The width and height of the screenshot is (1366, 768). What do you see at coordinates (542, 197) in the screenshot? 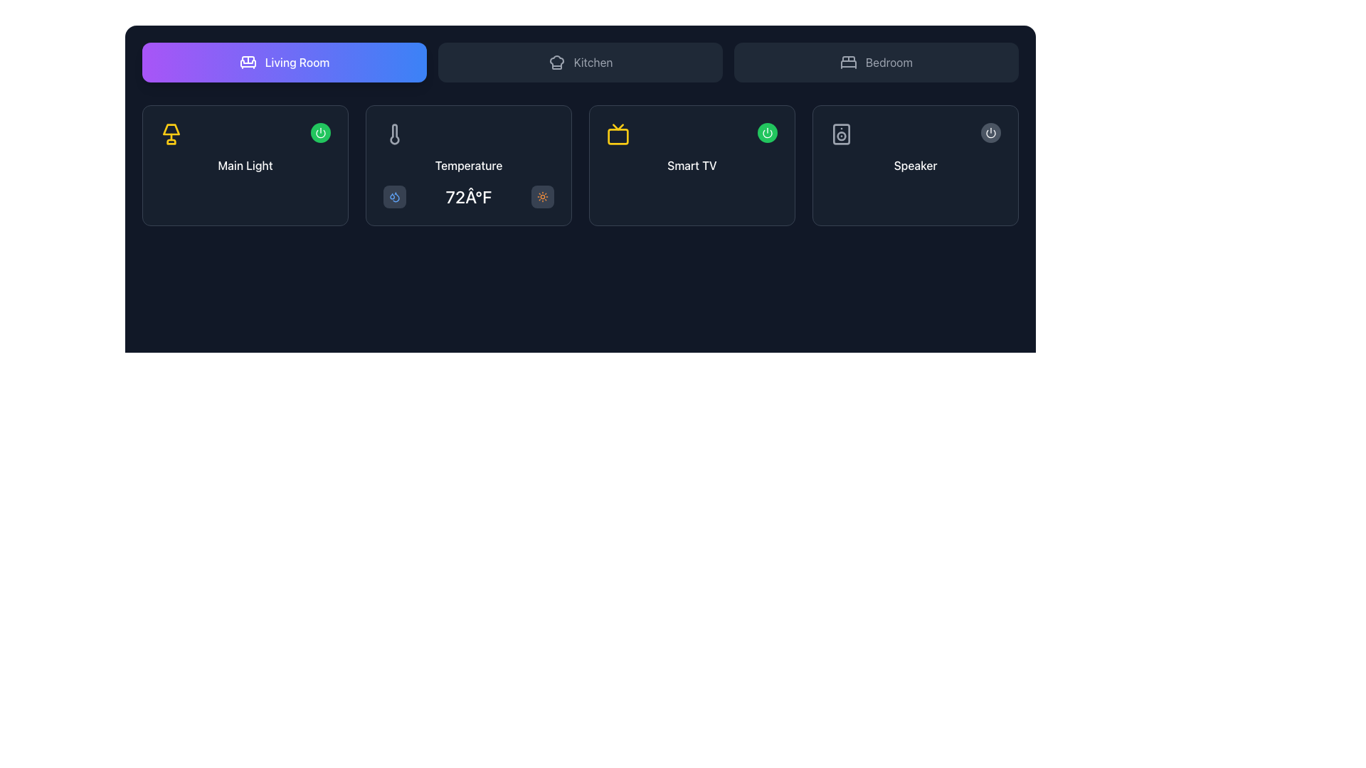
I see `the vibrant orange sun icon button located in the top-center of the interface within the 'Temperature' section of the 'Living Room' panel` at bounding box center [542, 197].